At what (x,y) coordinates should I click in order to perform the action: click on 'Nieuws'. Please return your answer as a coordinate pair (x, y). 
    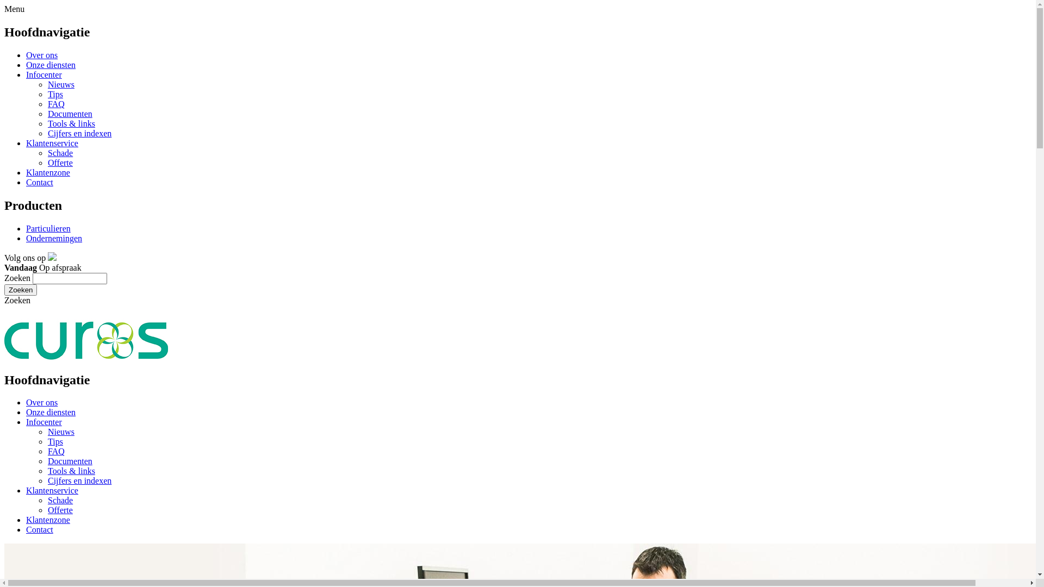
    Looking at the image, I should click on (60, 84).